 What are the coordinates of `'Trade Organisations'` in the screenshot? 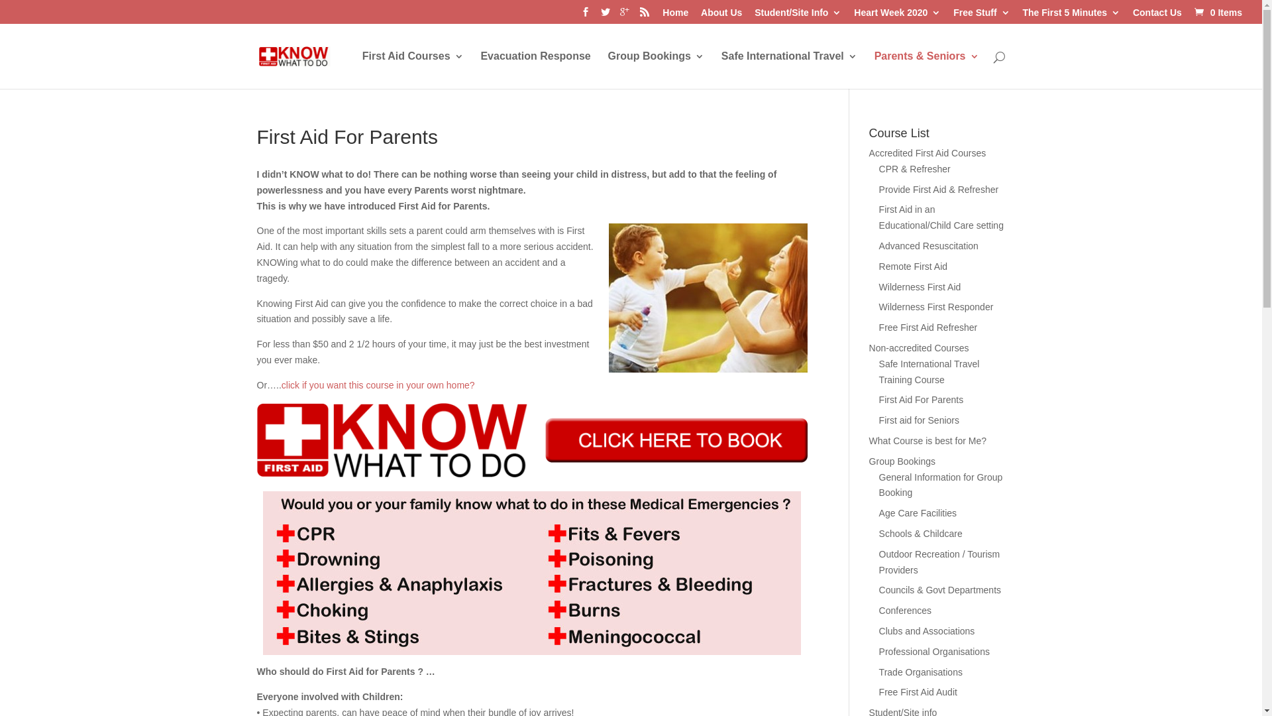 It's located at (878, 672).